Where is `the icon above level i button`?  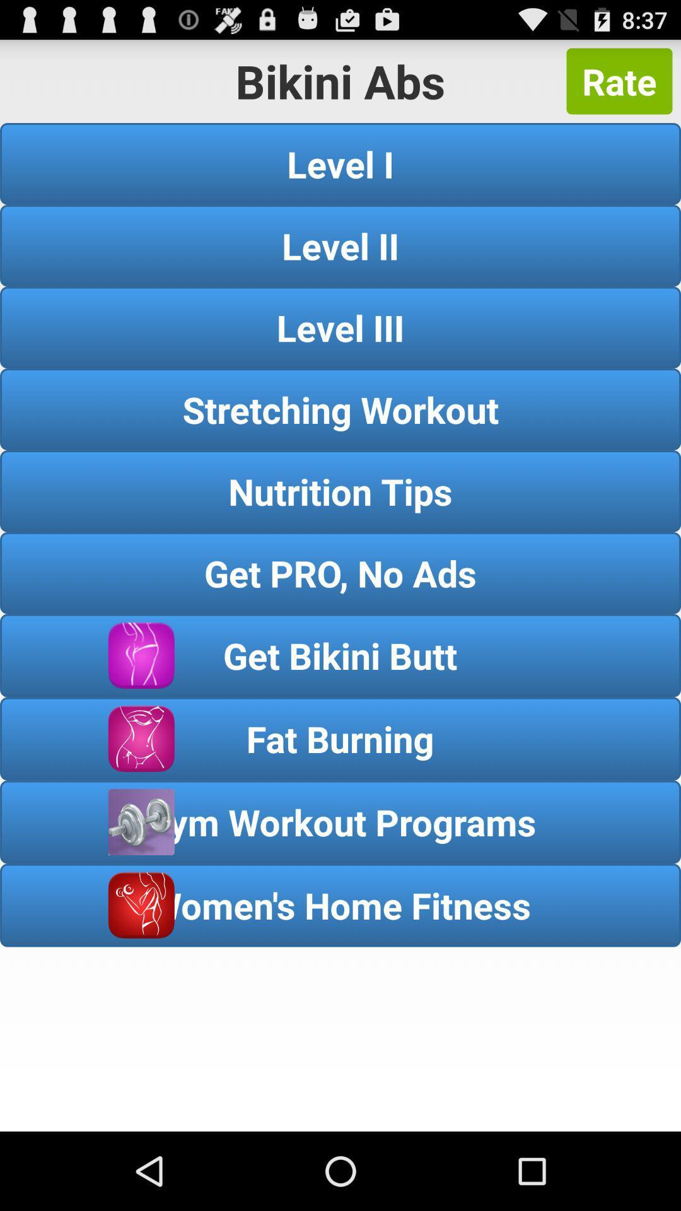 the icon above level i button is located at coordinates (619, 81).